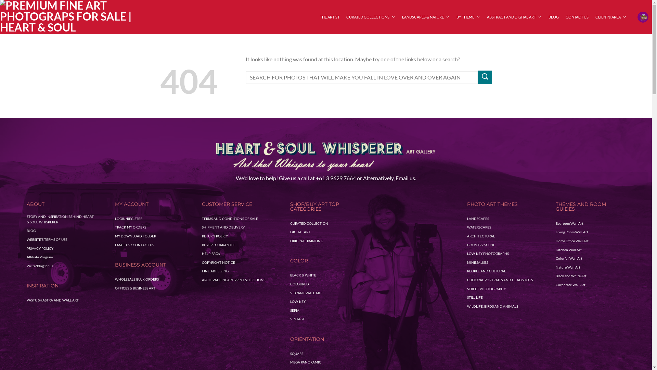  What do you see at coordinates (290, 284) in the screenshot?
I see `'COLOURED'` at bounding box center [290, 284].